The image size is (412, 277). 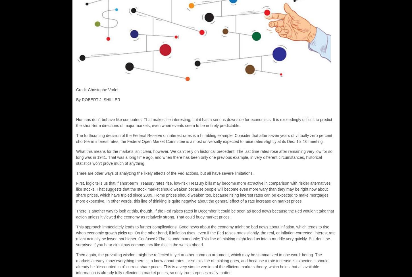 What do you see at coordinates (202, 263) in the screenshot?
I see `'Then again, the prevailing wisdom might be reflected in yet another common argument, which may be summarized in one word: boring. The markets already know everything there is to know about rates, or so this line of thinking goes, and because a rate increase is expected it should already be “discounted into” current share prices. This is a very simple version of the efficient markets theory, which holds that all available information is already fully reflected in market prices, so only true surprises really matter.'` at bounding box center [202, 263].